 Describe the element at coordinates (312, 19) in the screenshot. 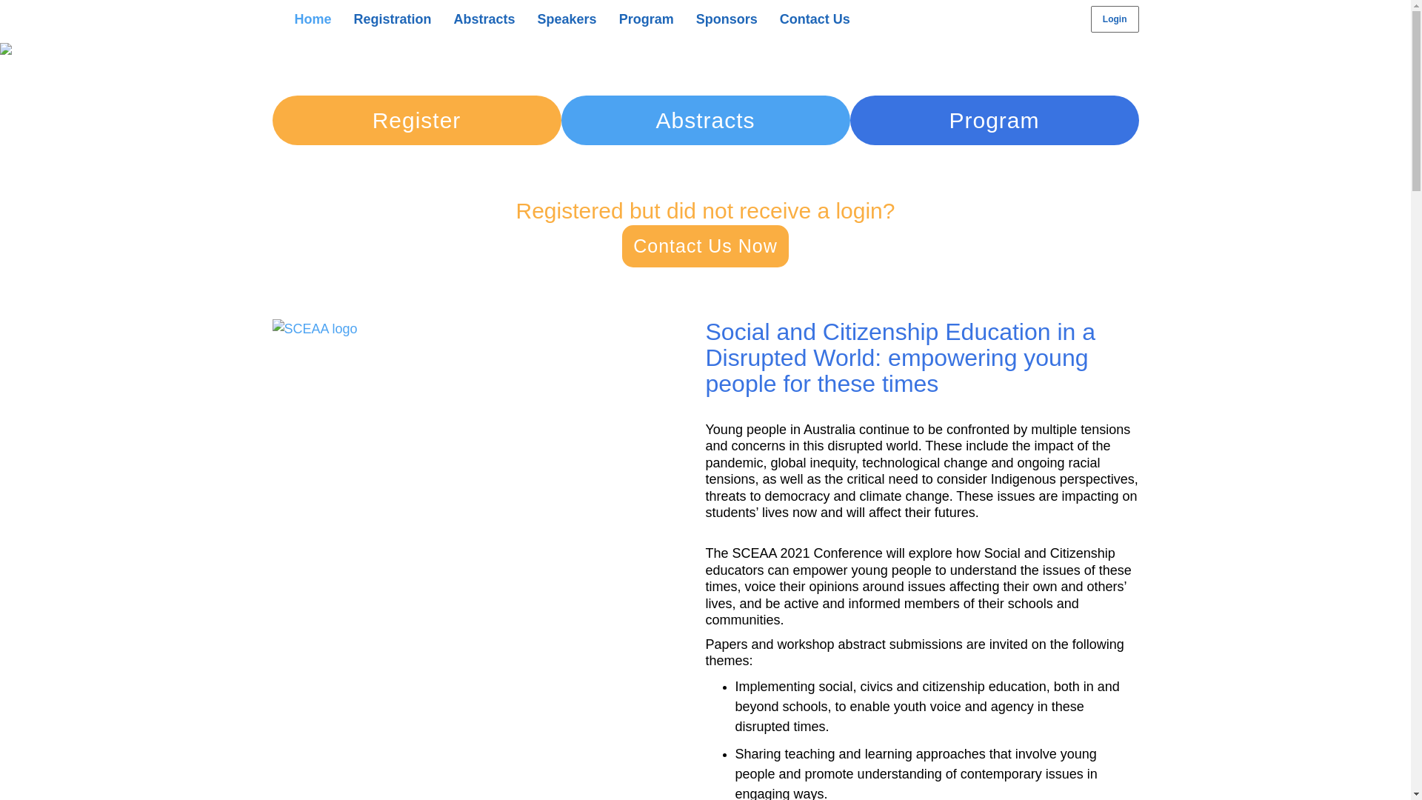

I see `'Home'` at that location.